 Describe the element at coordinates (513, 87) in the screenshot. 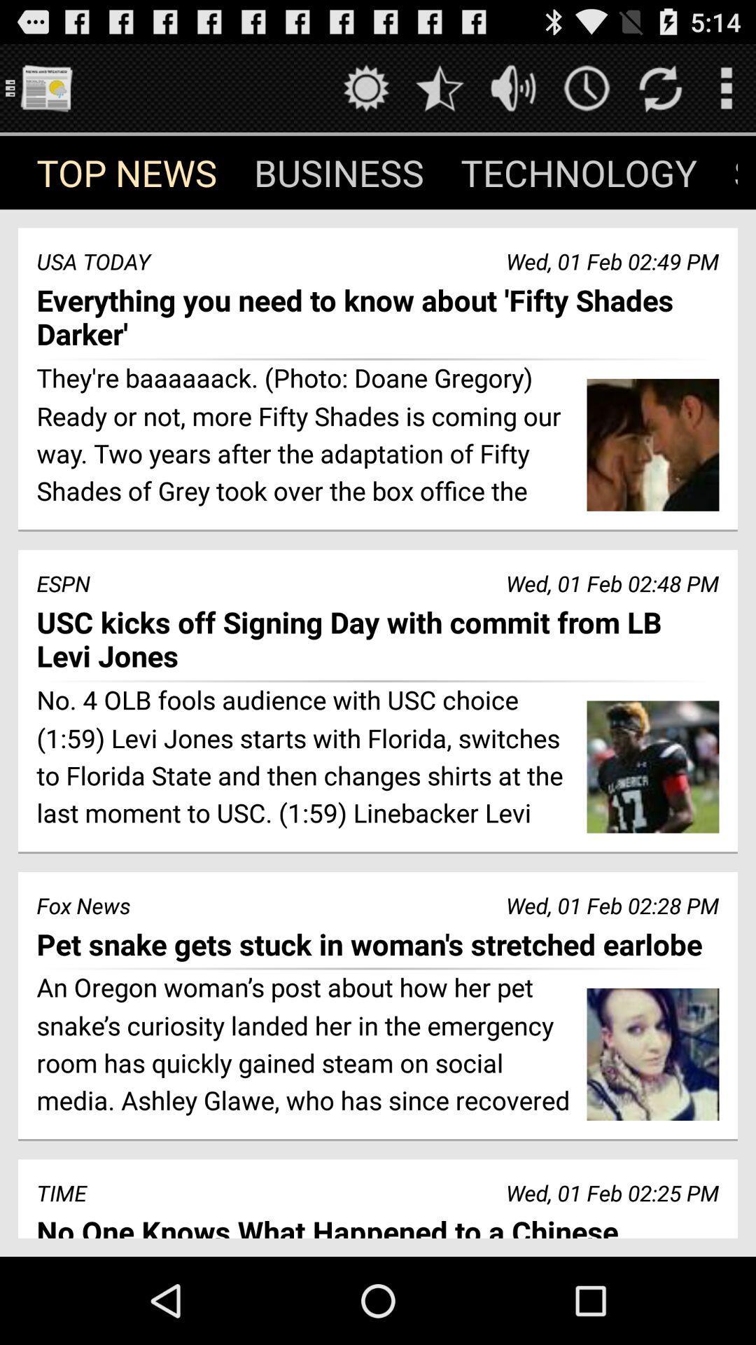

I see `adjust sound` at that location.